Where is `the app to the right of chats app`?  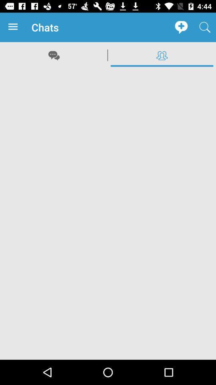 the app to the right of chats app is located at coordinates (181, 27).